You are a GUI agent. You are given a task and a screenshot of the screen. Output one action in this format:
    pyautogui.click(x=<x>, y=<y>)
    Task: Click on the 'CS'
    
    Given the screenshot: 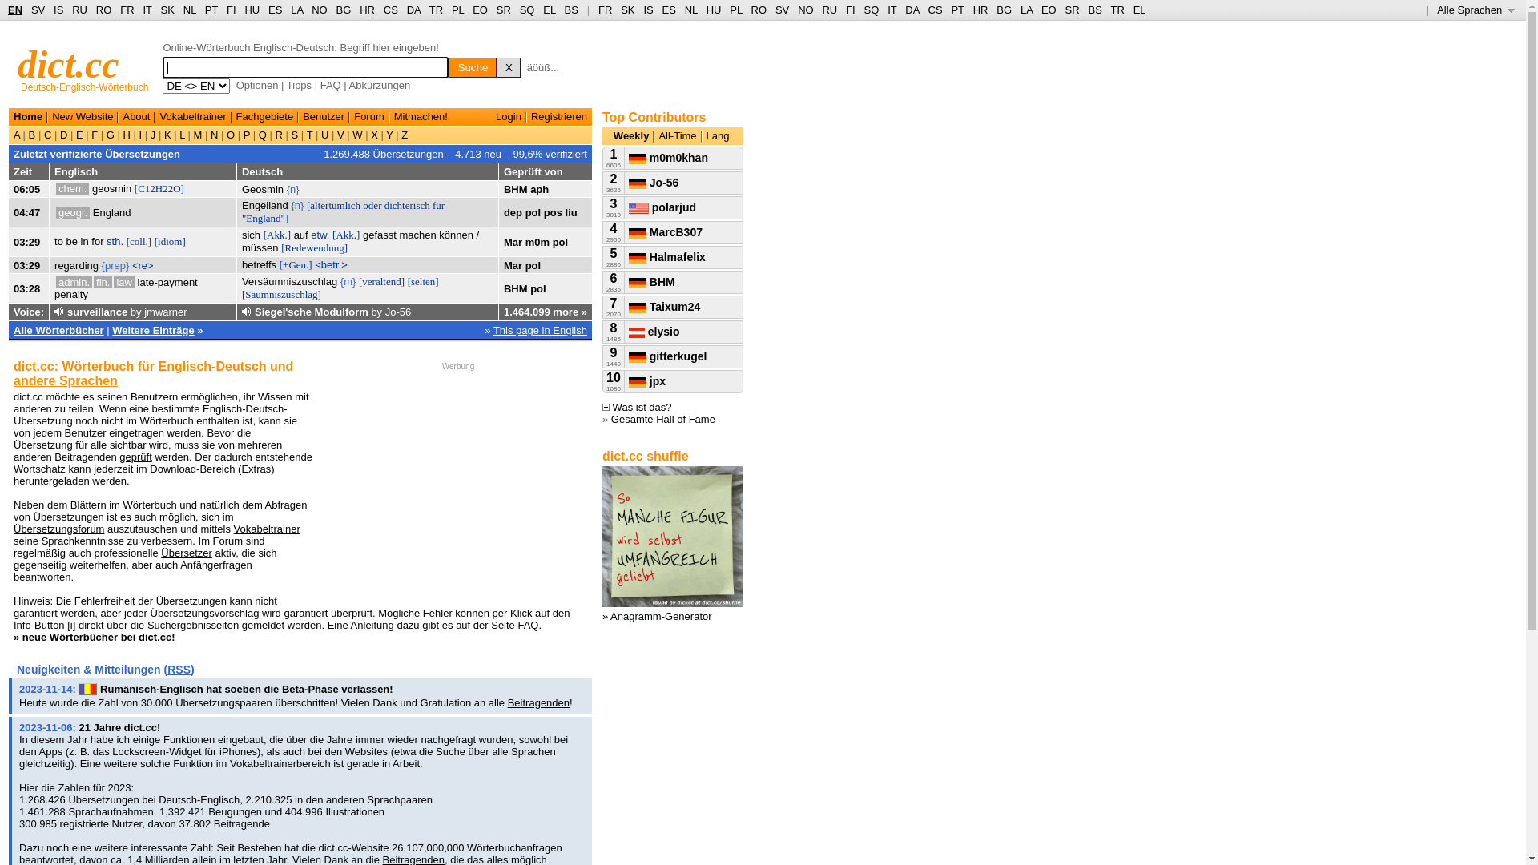 What is the action you would take?
    pyautogui.click(x=934, y=10)
    